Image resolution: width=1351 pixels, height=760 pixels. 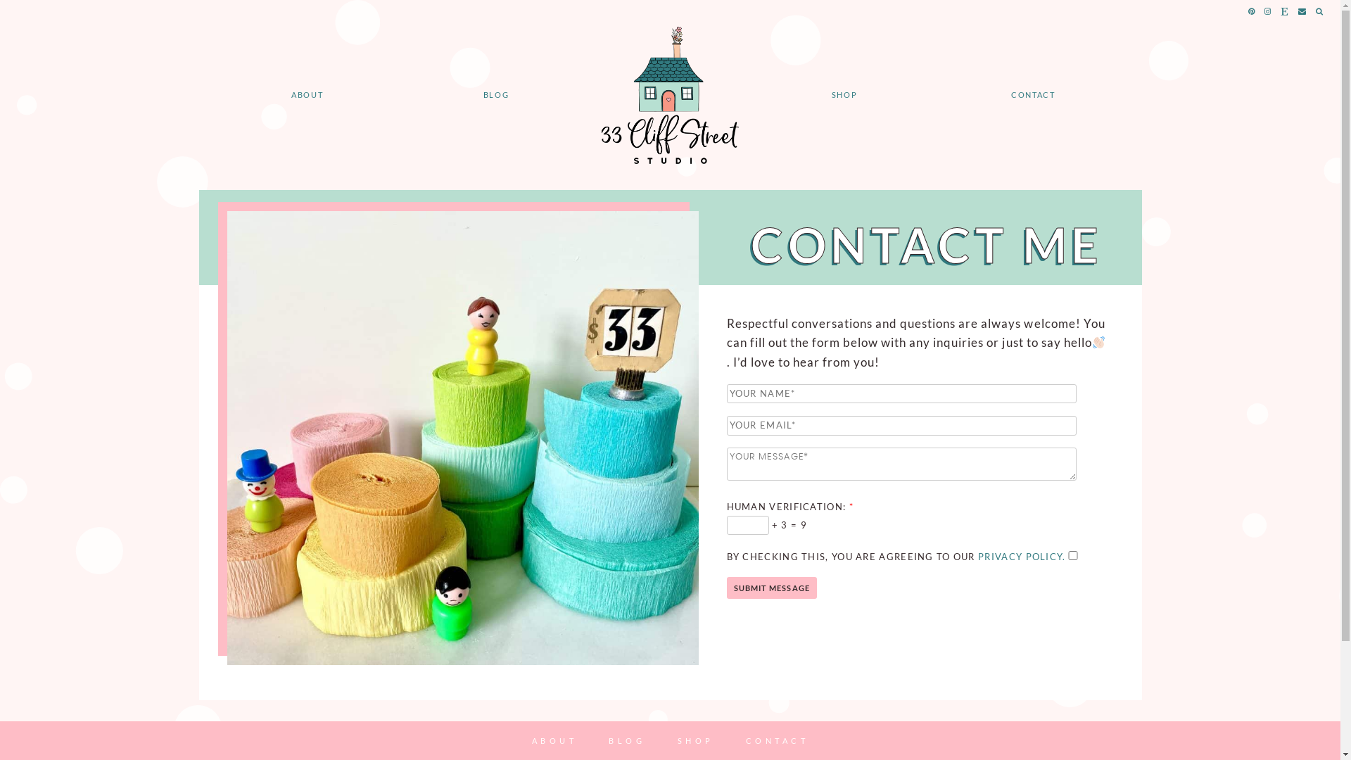 What do you see at coordinates (1022, 555) in the screenshot?
I see `'PRIVACY POLICY.'` at bounding box center [1022, 555].